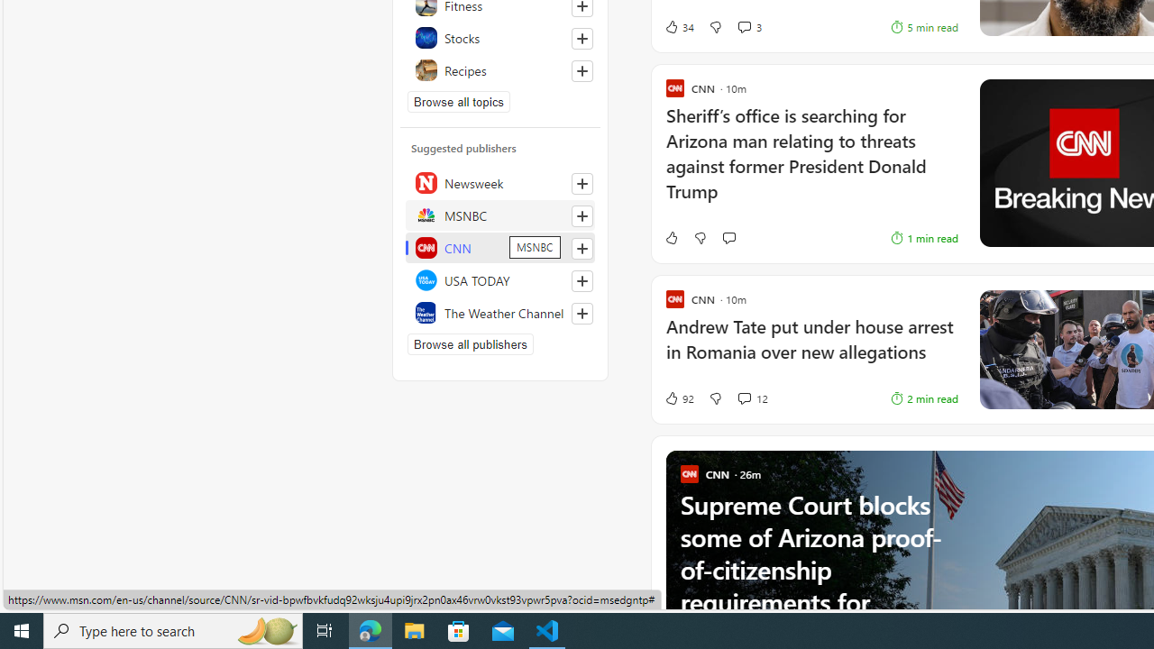 Image resolution: width=1154 pixels, height=649 pixels. What do you see at coordinates (500, 38) in the screenshot?
I see `'Stocks'` at bounding box center [500, 38].